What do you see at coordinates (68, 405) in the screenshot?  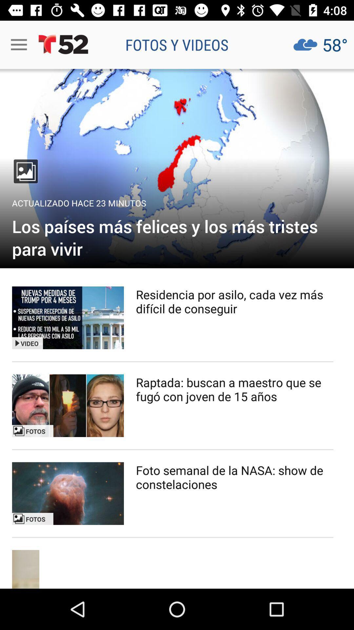 I see `search` at bounding box center [68, 405].